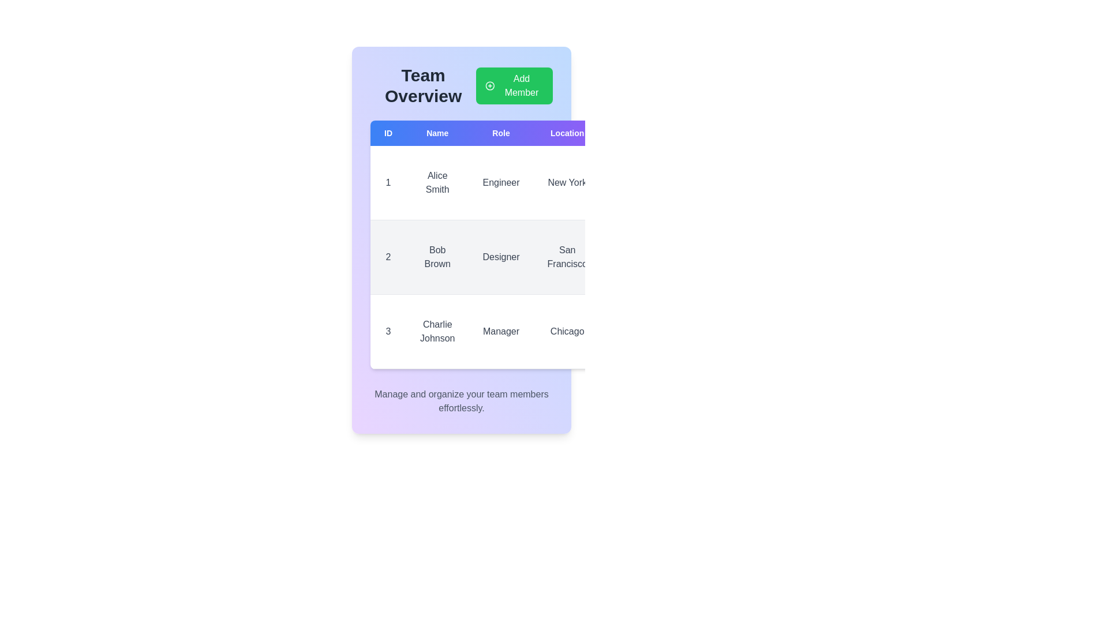 This screenshot has width=1108, height=623. I want to click on the 'Team Overview' headline text label, so click(422, 85).